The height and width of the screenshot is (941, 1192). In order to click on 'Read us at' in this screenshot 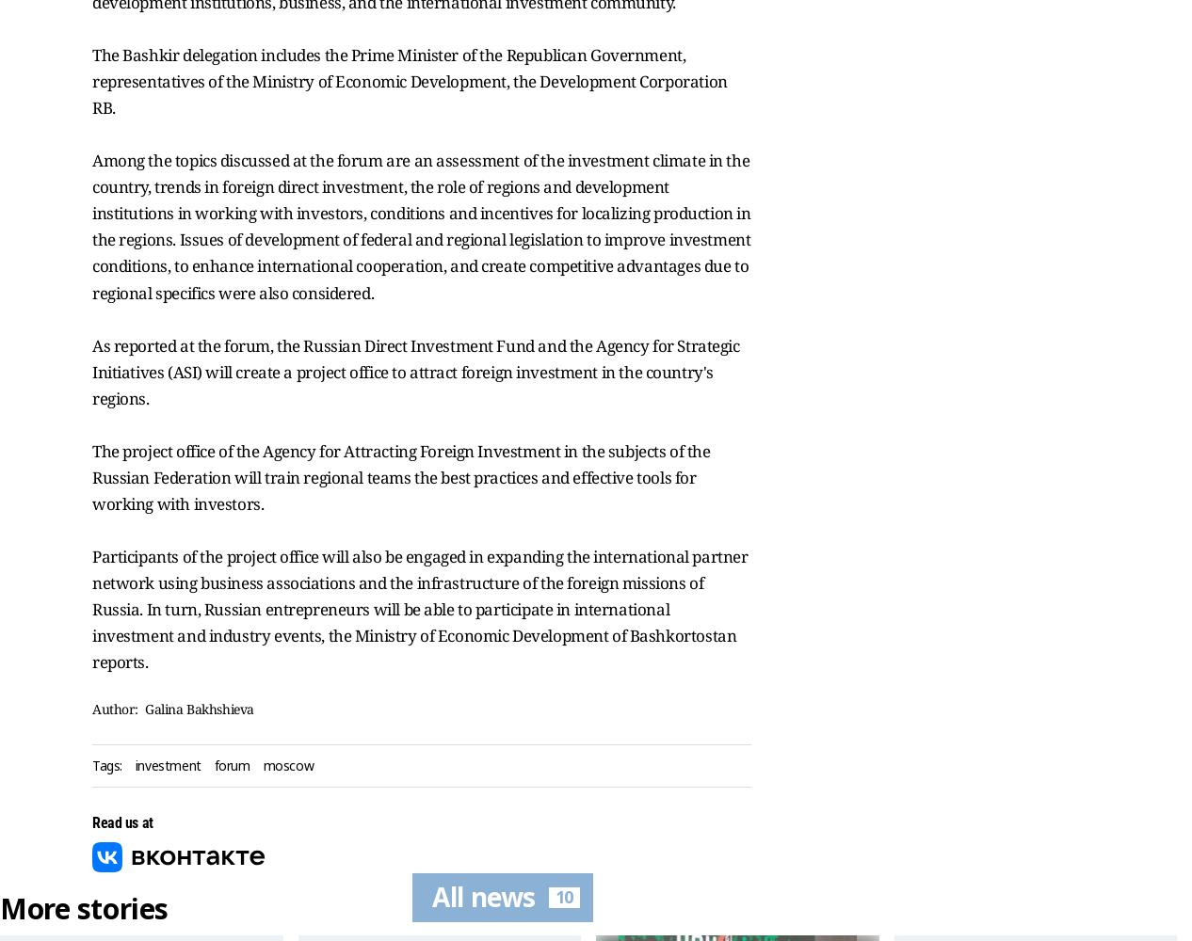, I will do `click(90, 821)`.